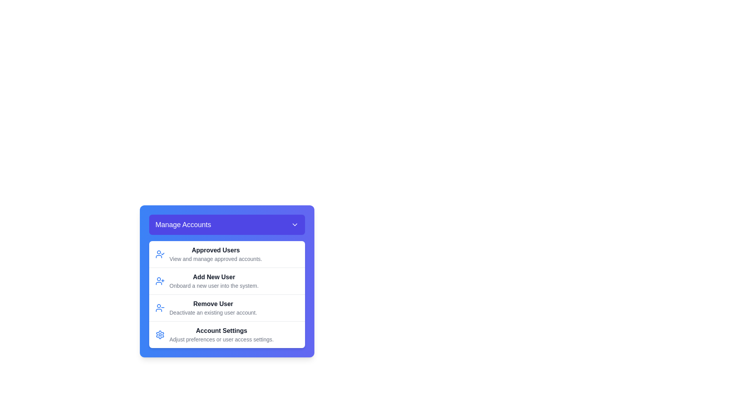  Describe the element at coordinates (226, 254) in the screenshot. I see `the list entry titled 'Approved Users'` at that location.